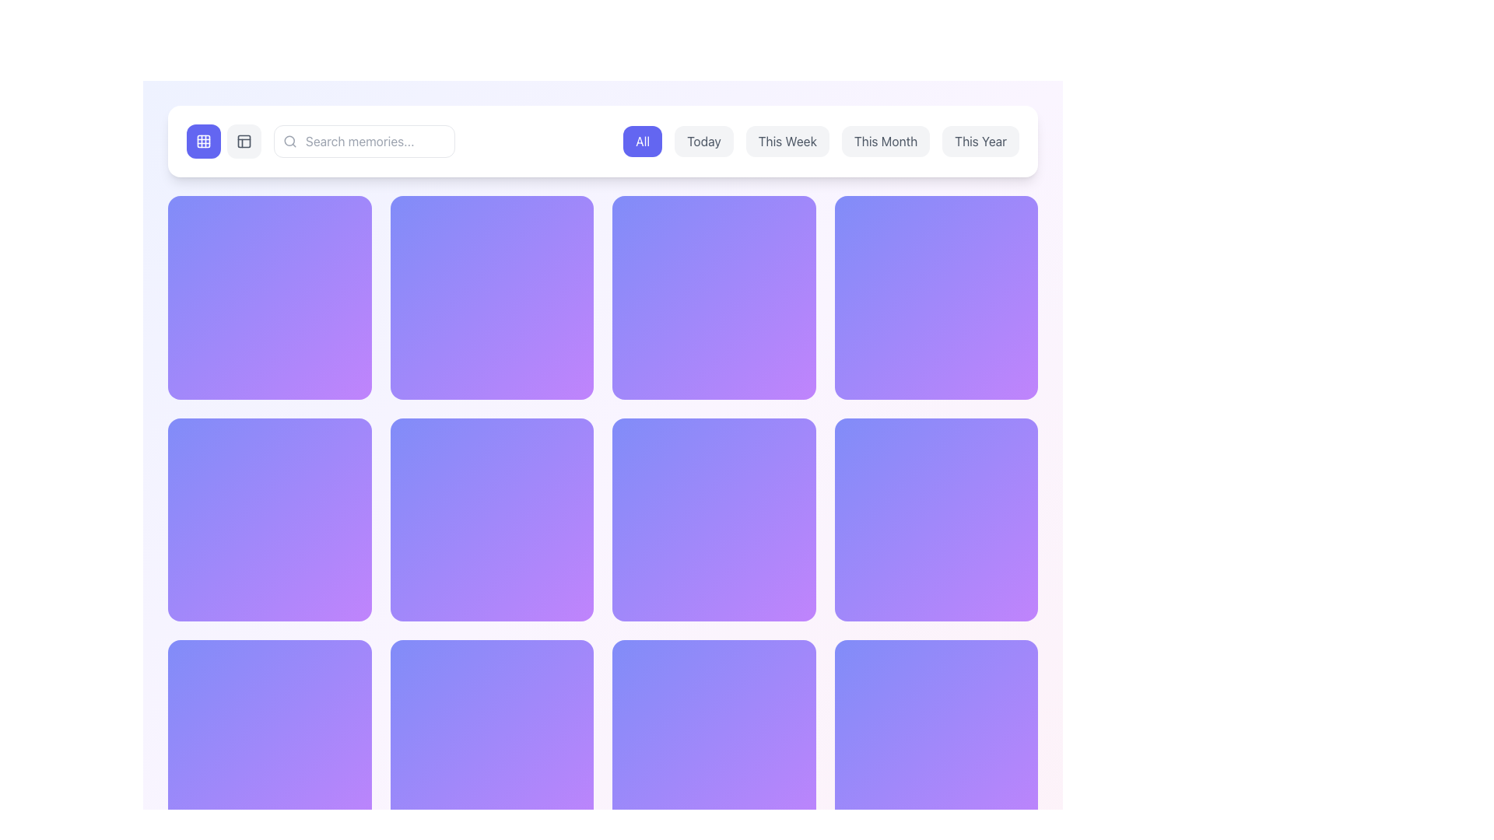  Describe the element at coordinates (935, 297) in the screenshot. I see `the fourth static visual card located at the top-right corner of the grid layout` at that location.